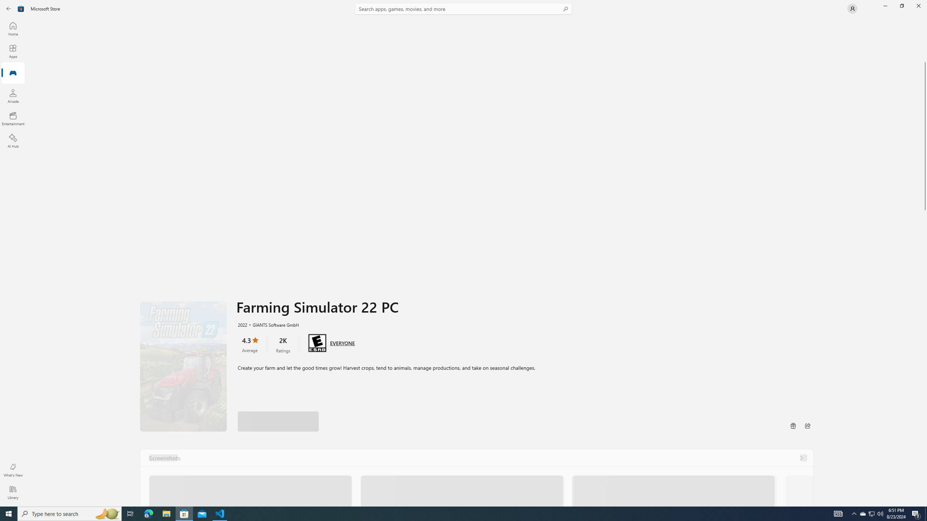 The width and height of the screenshot is (927, 521). What do you see at coordinates (924, 20) in the screenshot?
I see `'Vertical Small Decrease'` at bounding box center [924, 20].